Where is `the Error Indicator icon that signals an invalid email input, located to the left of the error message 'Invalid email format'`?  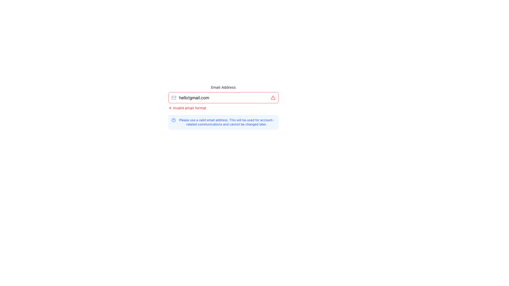
the Error Indicator icon that signals an invalid email input, located to the left of the error message 'Invalid email format' is located at coordinates (170, 108).